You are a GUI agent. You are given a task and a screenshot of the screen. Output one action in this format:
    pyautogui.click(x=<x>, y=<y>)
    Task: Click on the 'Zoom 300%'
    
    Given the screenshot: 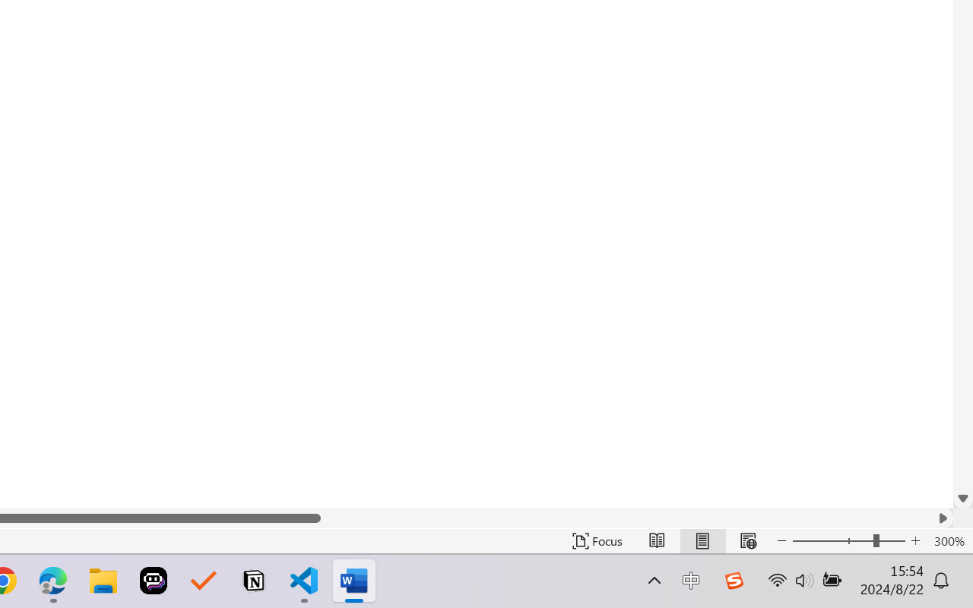 What is the action you would take?
    pyautogui.click(x=949, y=540)
    